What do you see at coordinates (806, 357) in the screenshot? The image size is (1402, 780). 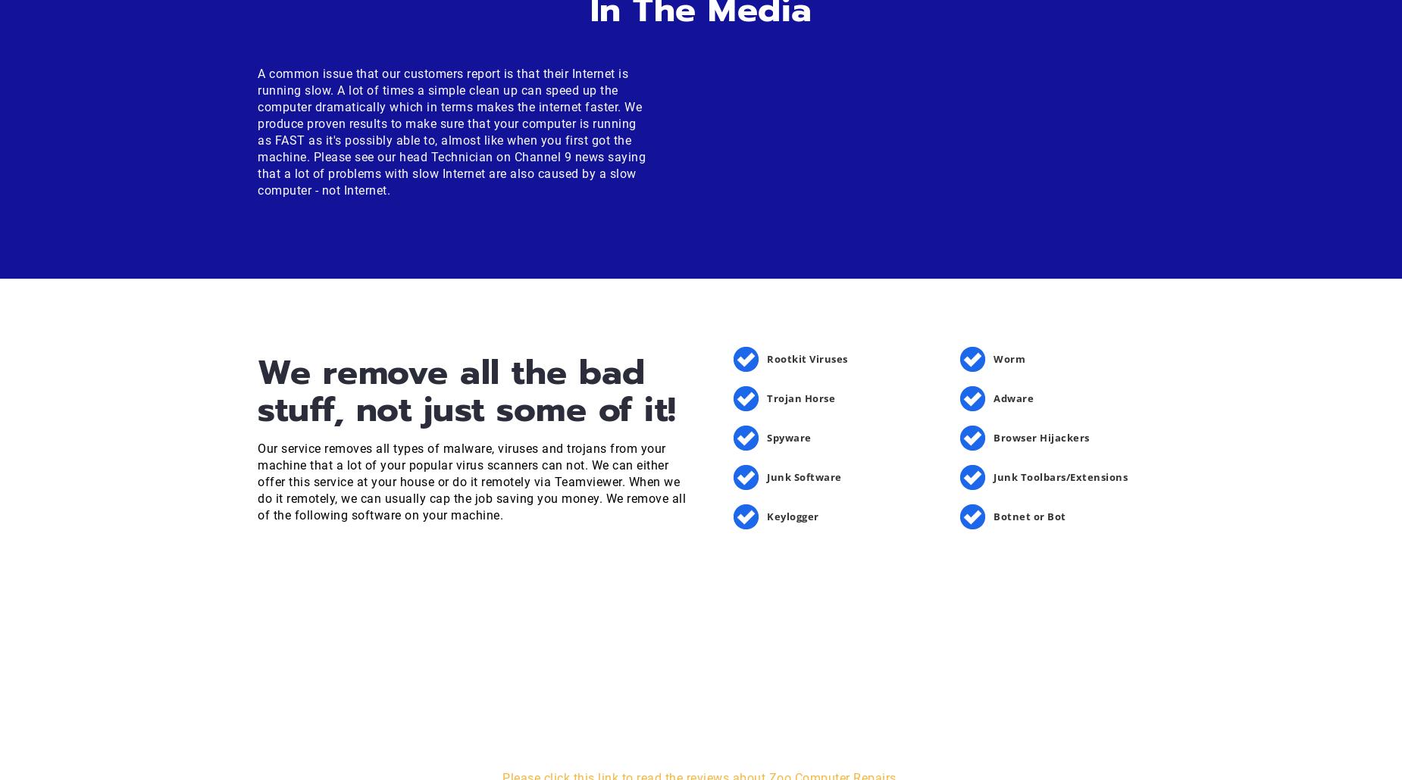 I see `'Rootkit Viruses'` at bounding box center [806, 357].